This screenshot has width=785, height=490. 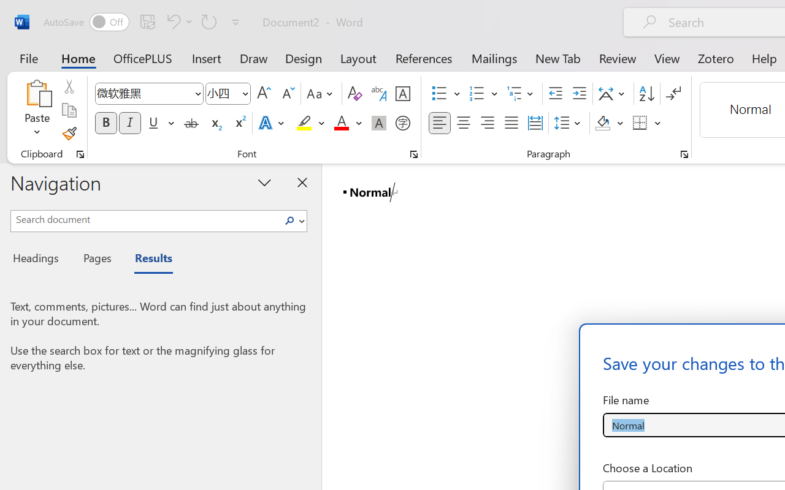 What do you see at coordinates (289, 221) in the screenshot?
I see `'Search'` at bounding box center [289, 221].